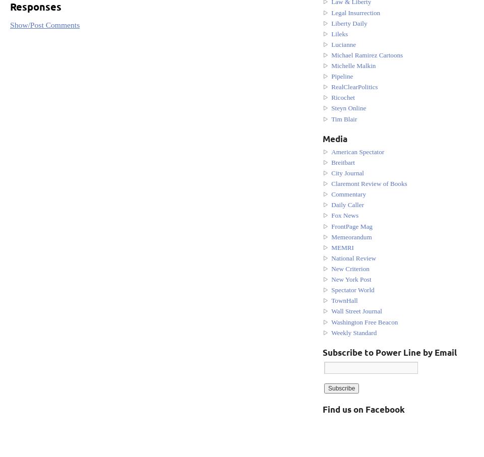 The width and height of the screenshot is (484, 457). What do you see at coordinates (345, 215) in the screenshot?
I see `'Fox News'` at bounding box center [345, 215].